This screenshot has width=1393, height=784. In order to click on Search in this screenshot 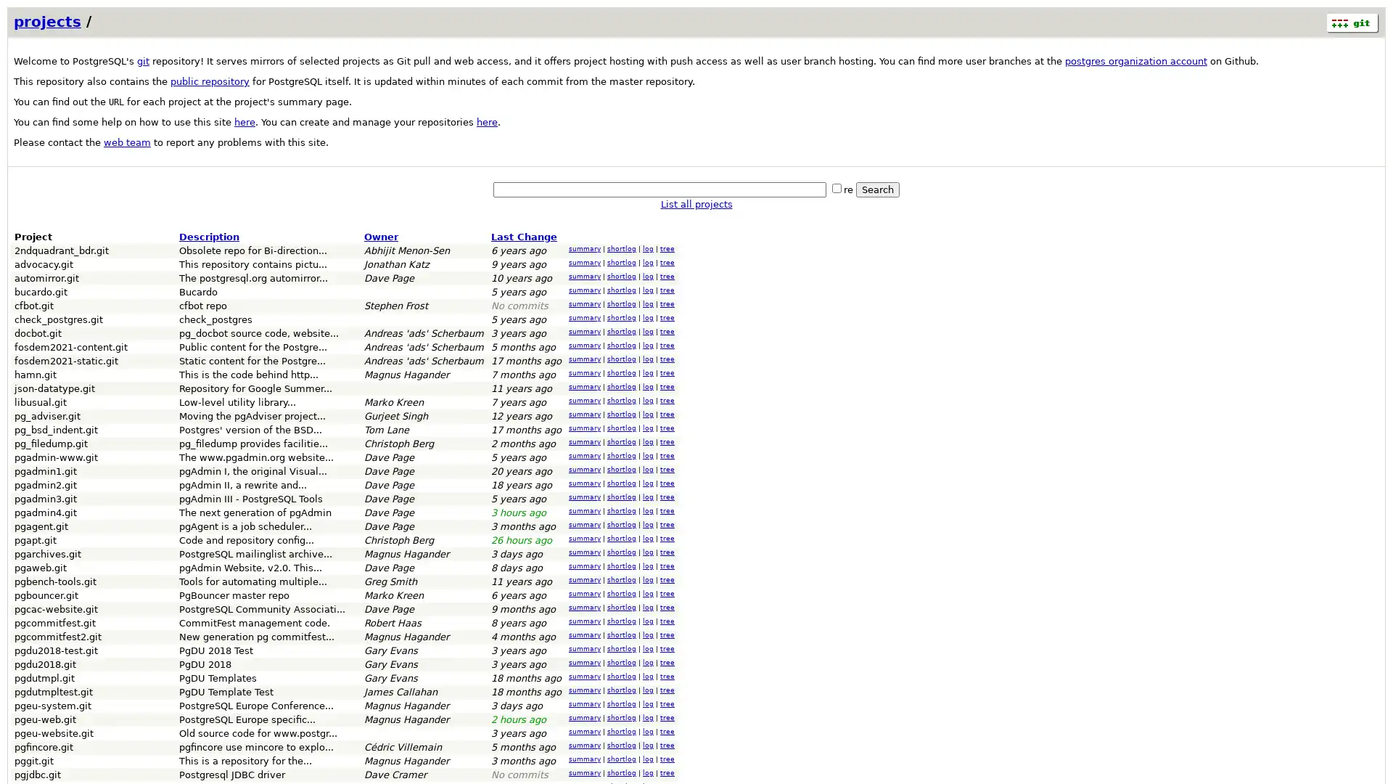, I will do `click(876, 189)`.